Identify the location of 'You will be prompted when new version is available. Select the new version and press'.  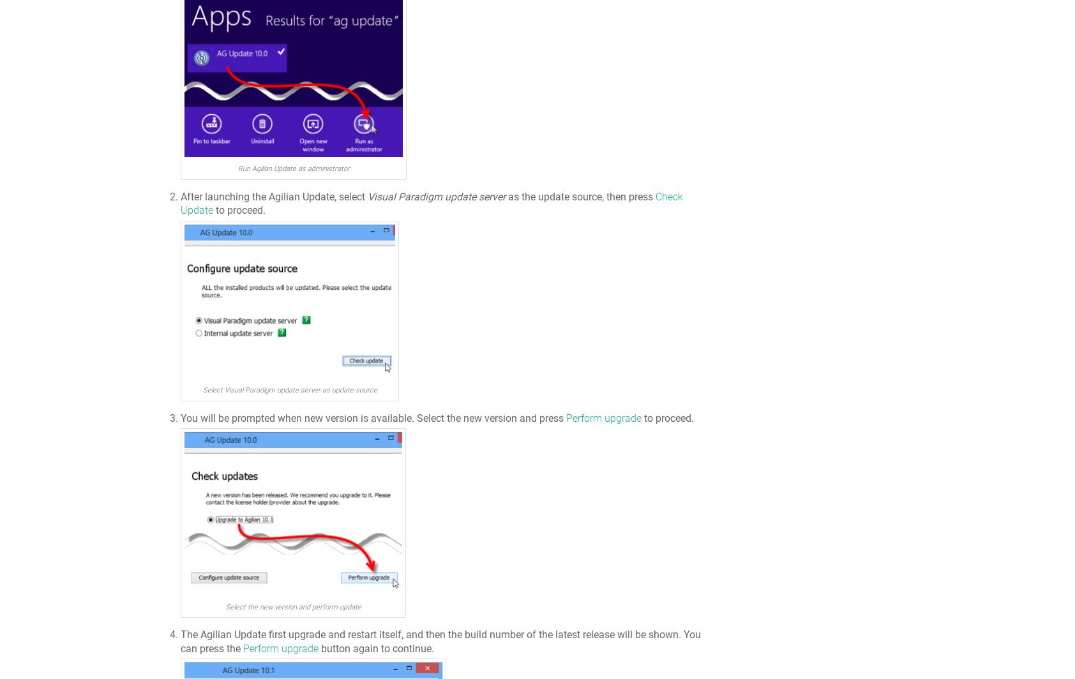
(373, 417).